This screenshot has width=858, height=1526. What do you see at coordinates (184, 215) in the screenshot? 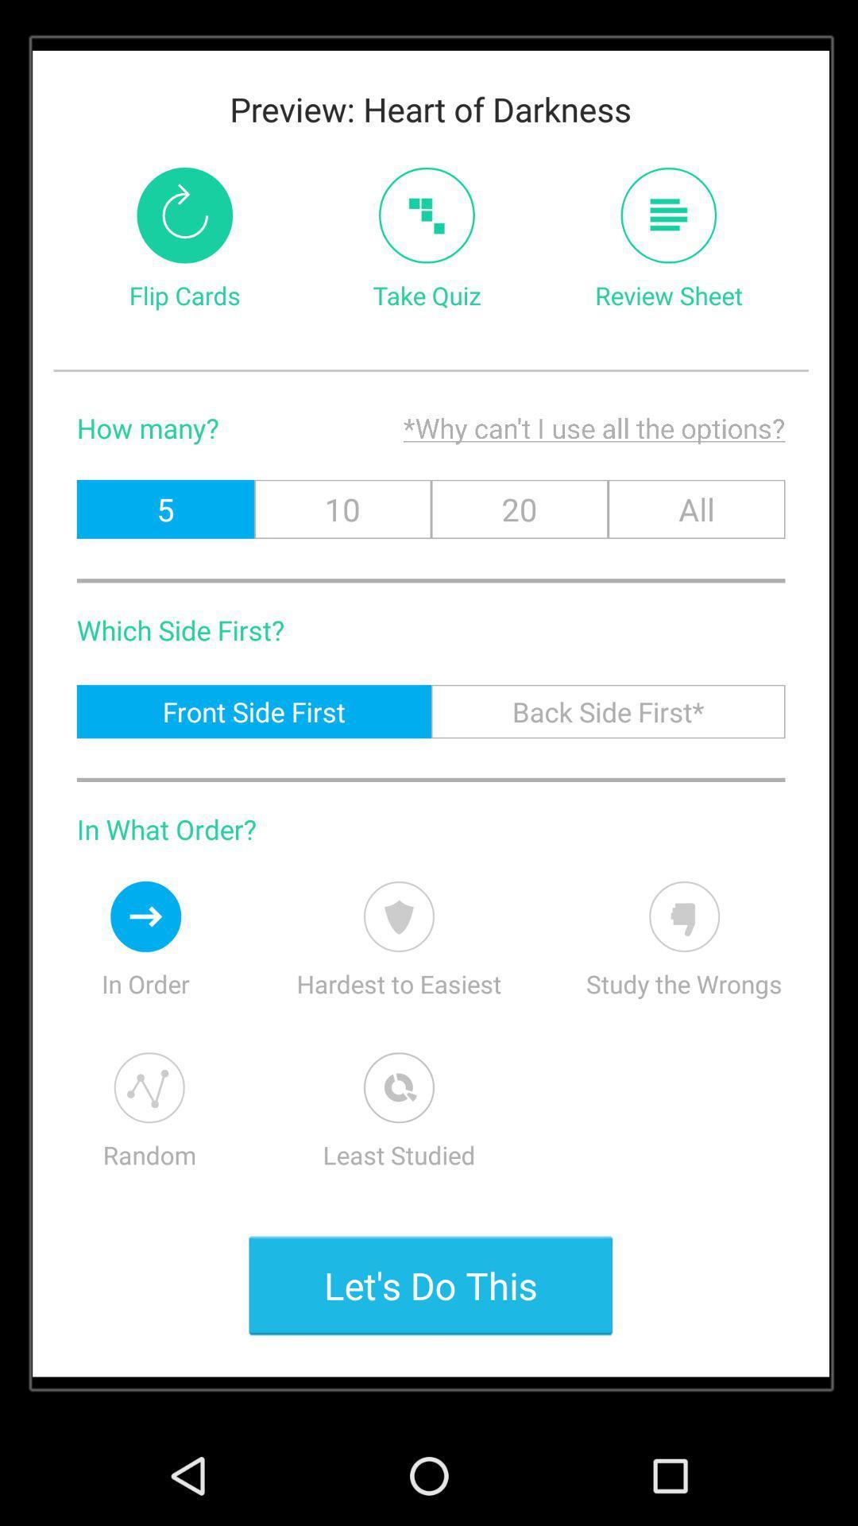
I see `reverse order of cards` at bounding box center [184, 215].